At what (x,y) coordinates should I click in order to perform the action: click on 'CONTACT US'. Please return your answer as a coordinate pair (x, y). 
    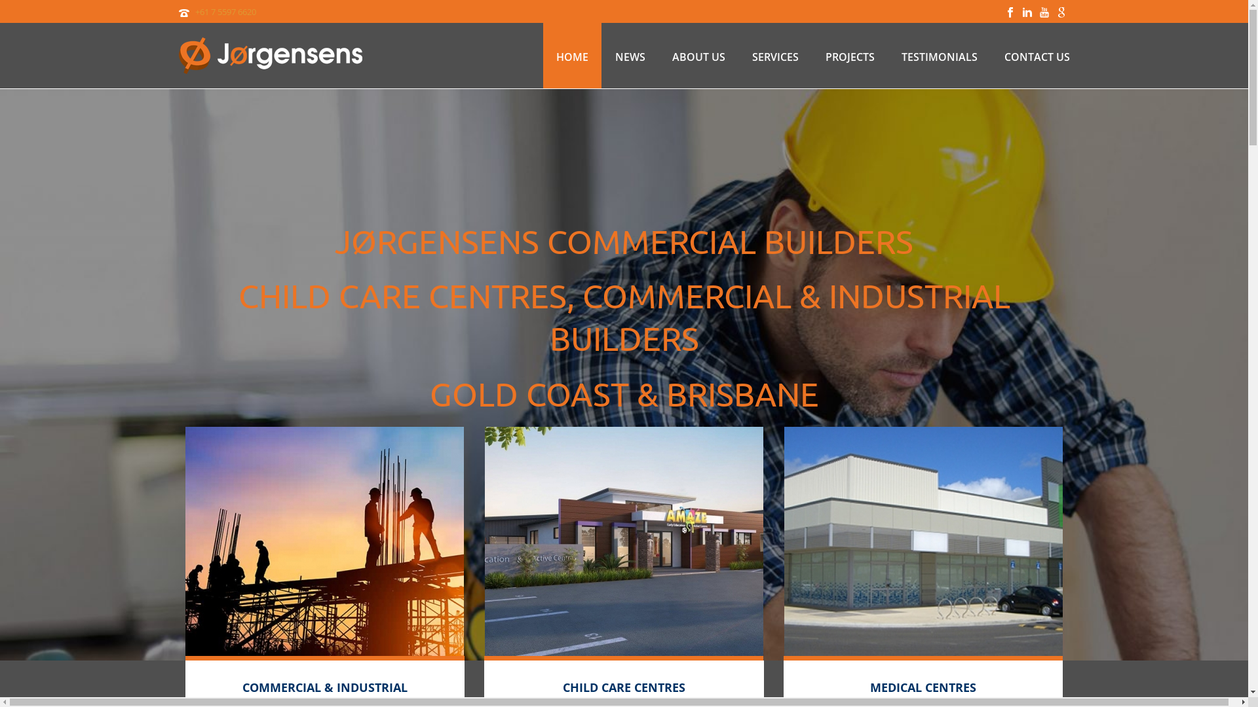
    Looking at the image, I should click on (1036, 54).